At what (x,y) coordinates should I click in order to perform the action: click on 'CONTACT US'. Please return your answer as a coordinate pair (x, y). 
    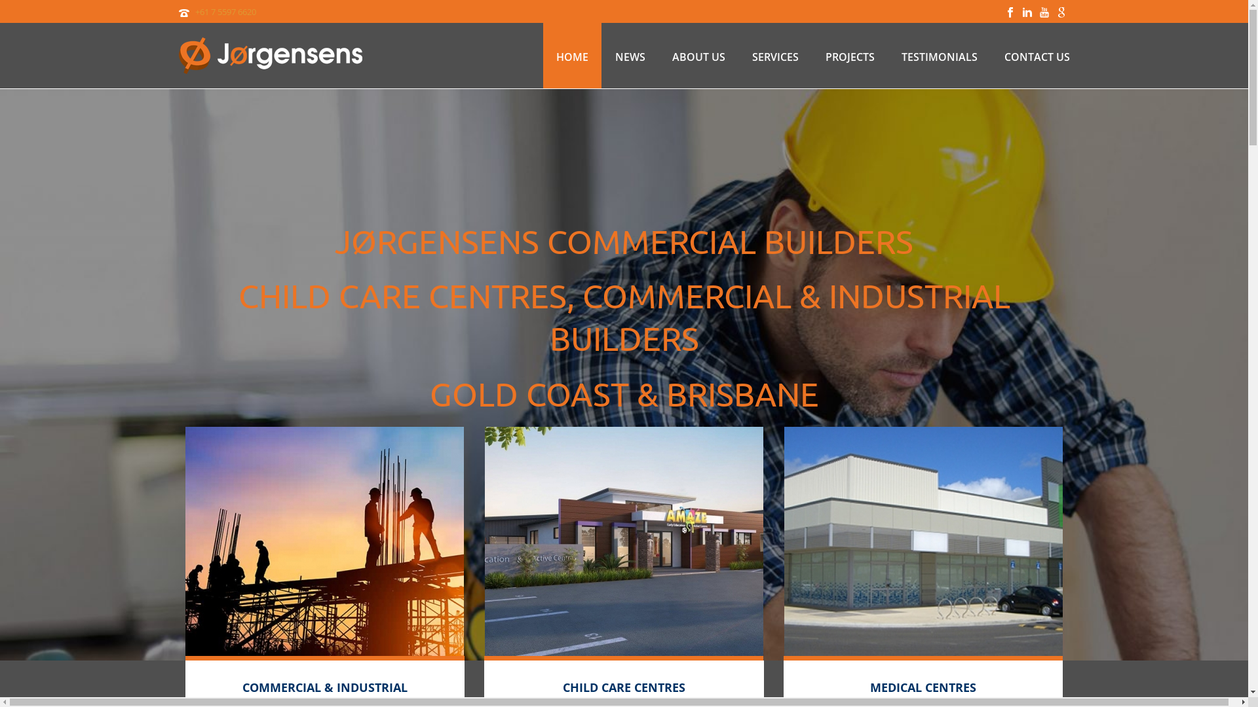
    Looking at the image, I should click on (1036, 54).